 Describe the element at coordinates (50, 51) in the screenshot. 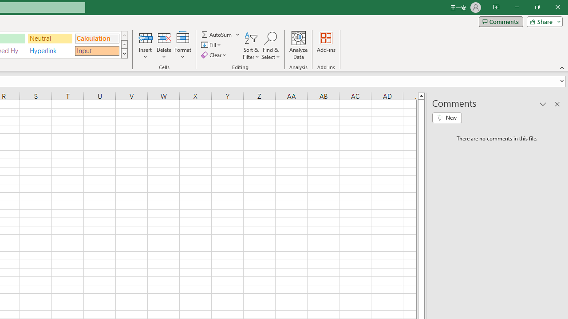

I see `'Hyperlink'` at that location.